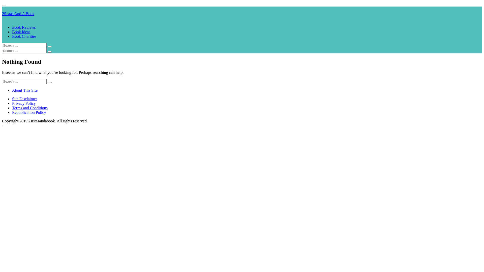  I want to click on 'Site Disclaimer', so click(24, 99).